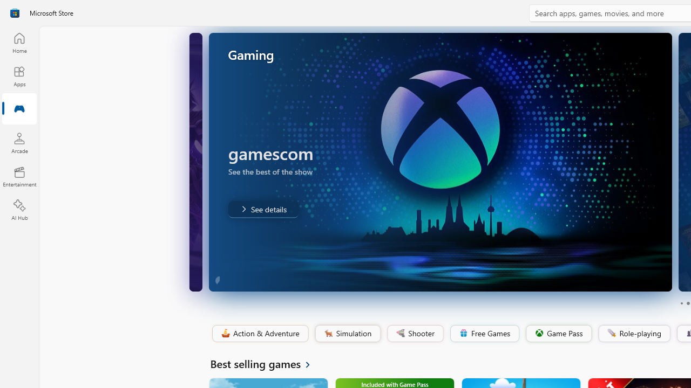 The width and height of the screenshot is (691, 388). Describe the element at coordinates (558, 333) in the screenshot. I see `'Game Pass'` at that location.